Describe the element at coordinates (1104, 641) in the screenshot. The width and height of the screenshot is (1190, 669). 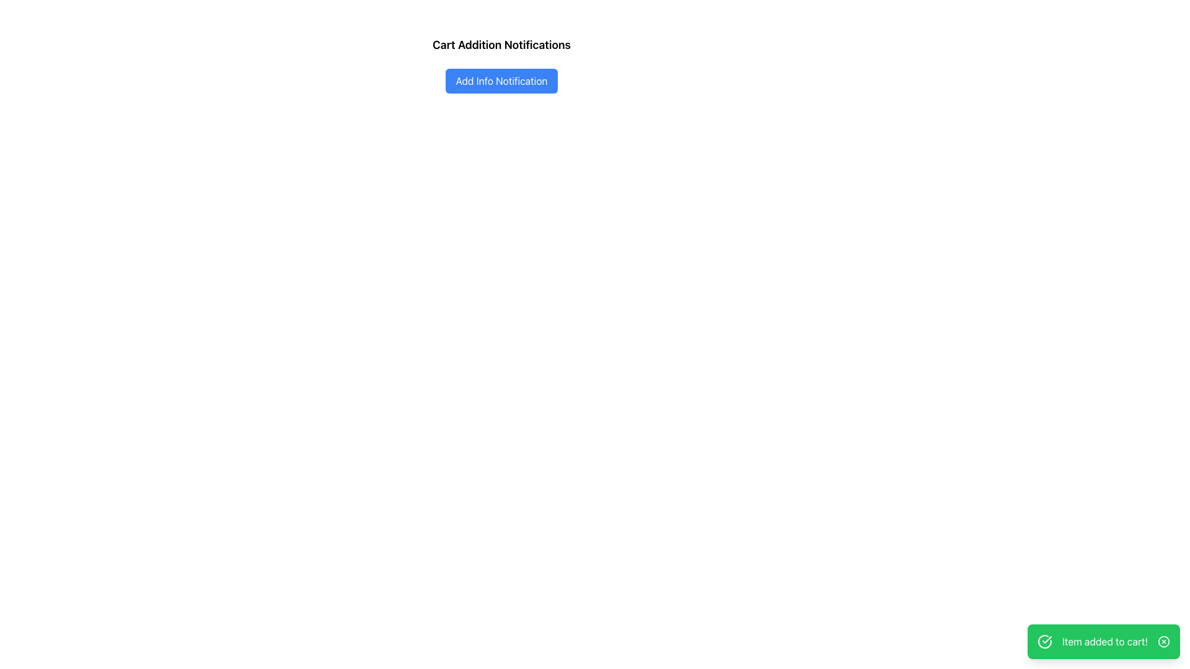
I see `the text label that indicates a successful addition of an item to the shopping cart, located in the bottom-right notification box` at that location.